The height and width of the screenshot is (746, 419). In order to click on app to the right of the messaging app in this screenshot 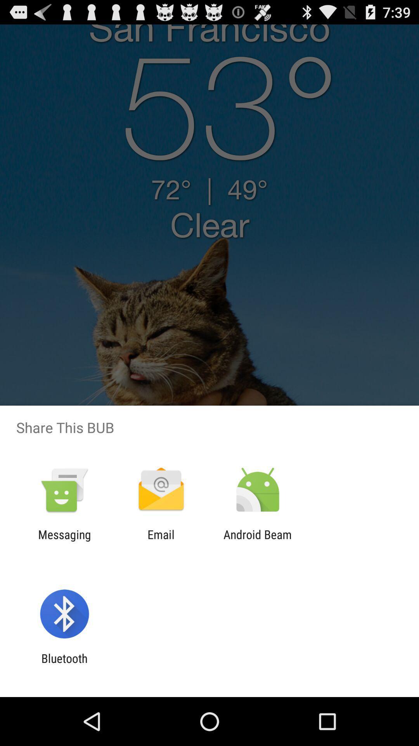, I will do `click(161, 541)`.